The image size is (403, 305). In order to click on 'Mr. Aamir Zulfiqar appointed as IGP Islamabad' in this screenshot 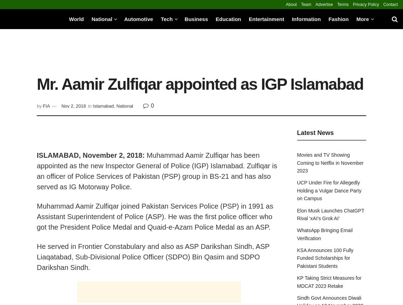, I will do `click(200, 84)`.